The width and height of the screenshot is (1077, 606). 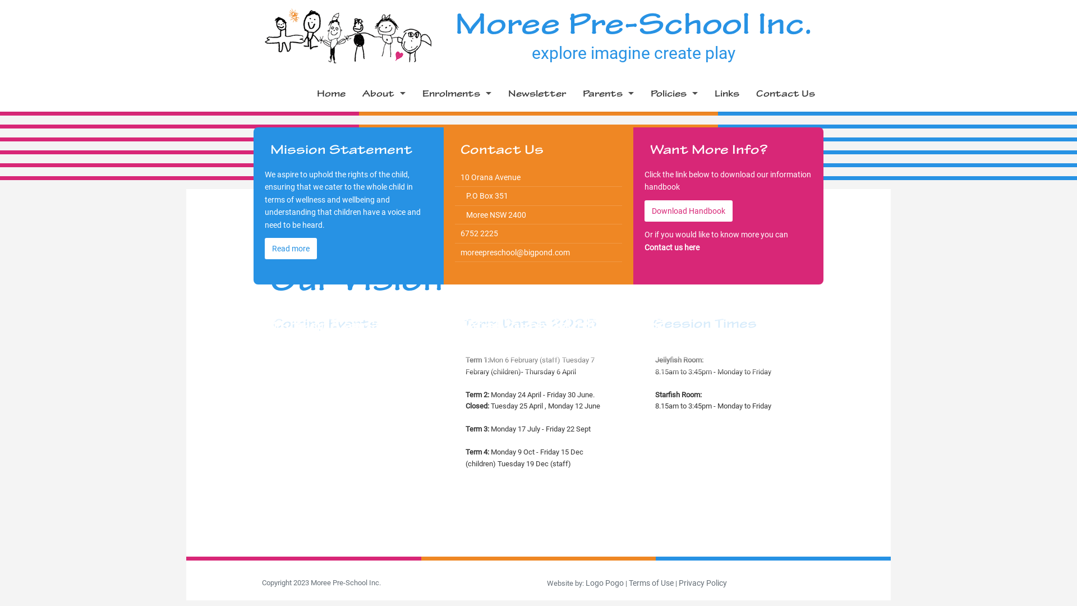 I want to click on 'Committee Meeting Dates', so click(x=607, y=143).